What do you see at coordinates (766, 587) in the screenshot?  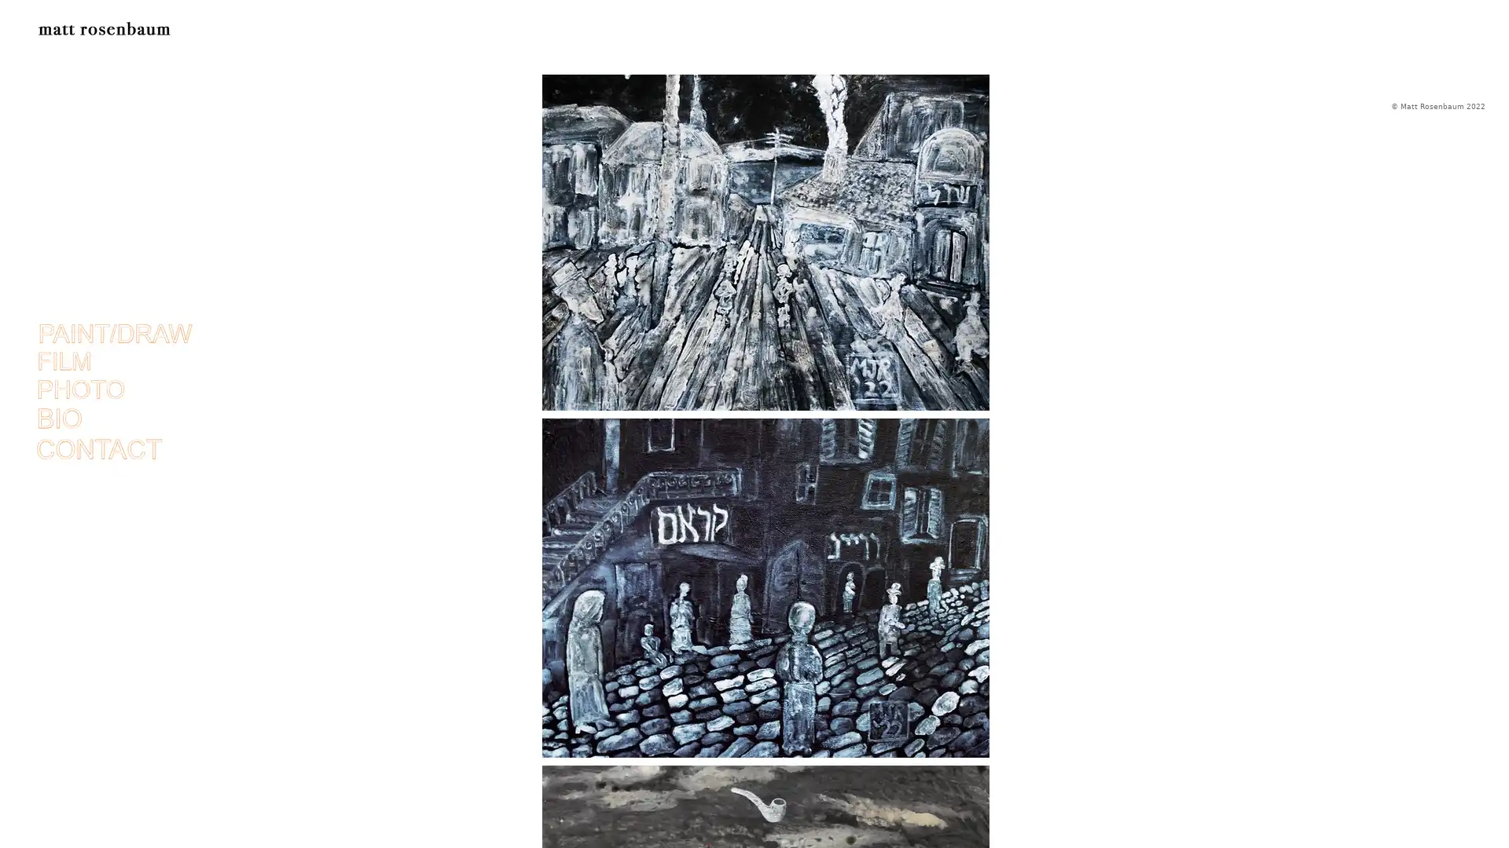 I see `ghosts of vilna II.jpg` at bounding box center [766, 587].